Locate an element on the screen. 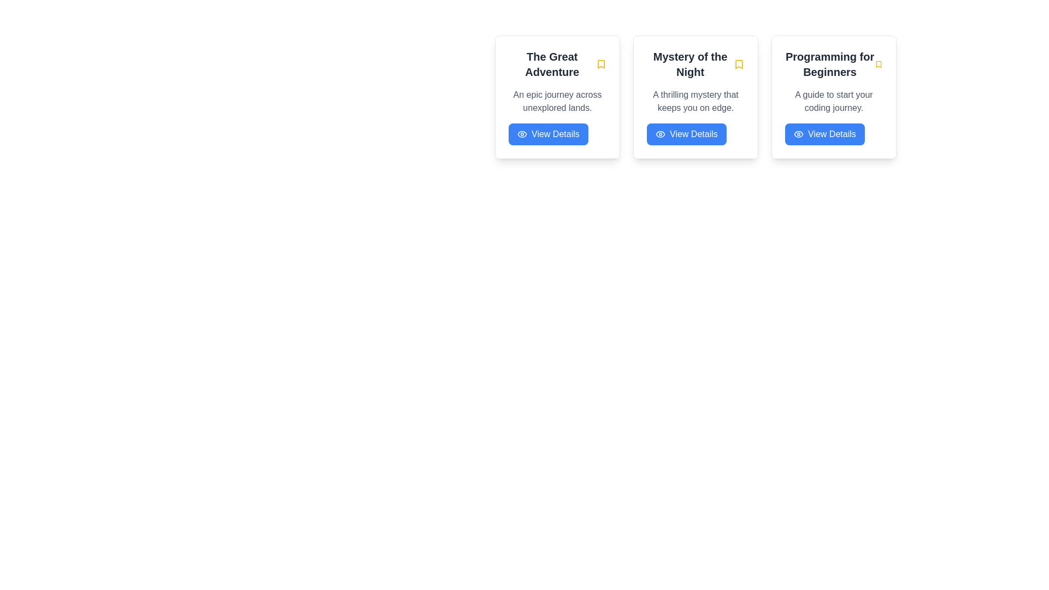 This screenshot has width=1049, height=590. the light gray text element reading 'An epic journey across unexplored lands' within the card titled 'The Great Adventure' is located at coordinates (557, 101).